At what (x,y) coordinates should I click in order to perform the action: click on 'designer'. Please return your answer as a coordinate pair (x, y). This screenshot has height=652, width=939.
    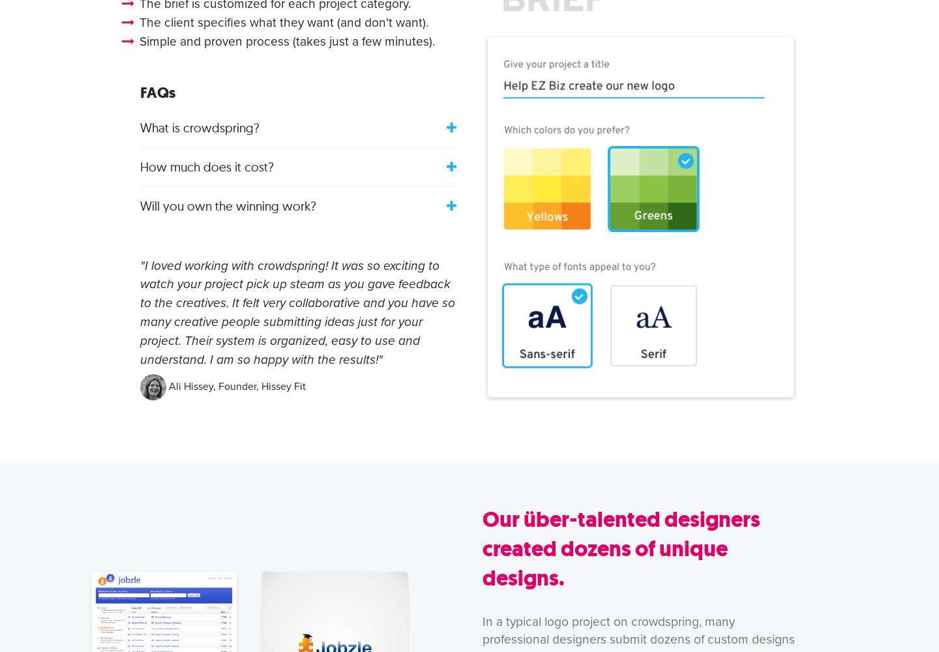
    Looking at the image, I should click on (552, 638).